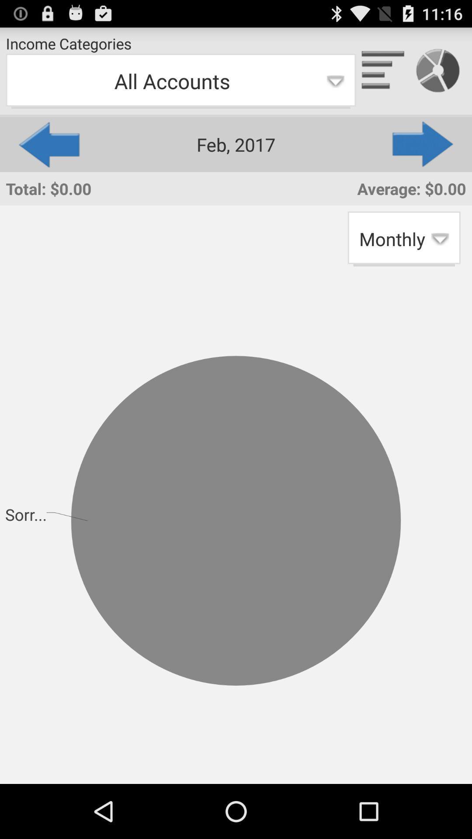 This screenshot has height=839, width=472. Describe the element at coordinates (180, 81) in the screenshot. I see `the all accounts button` at that location.